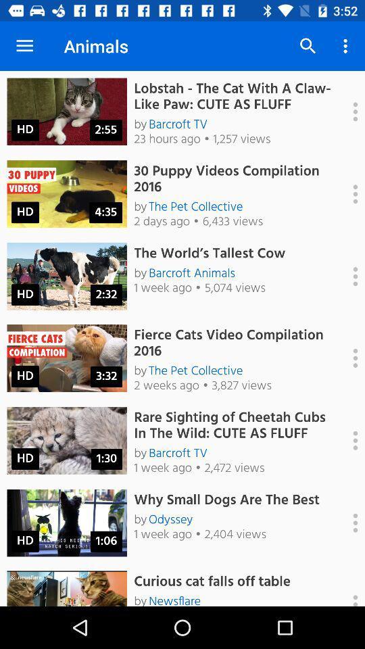 This screenshot has width=365, height=649. I want to click on expant, so click(348, 276).